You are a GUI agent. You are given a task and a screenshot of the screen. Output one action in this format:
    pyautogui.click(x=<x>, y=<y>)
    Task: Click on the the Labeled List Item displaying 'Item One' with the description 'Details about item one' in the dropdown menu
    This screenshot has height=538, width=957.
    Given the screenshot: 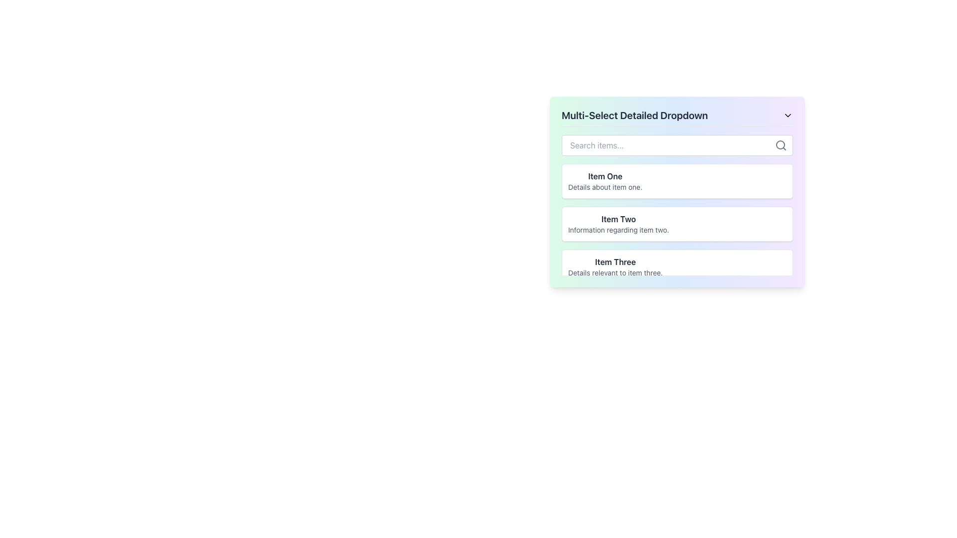 What is the action you would take?
    pyautogui.click(x=605, y=181)
    